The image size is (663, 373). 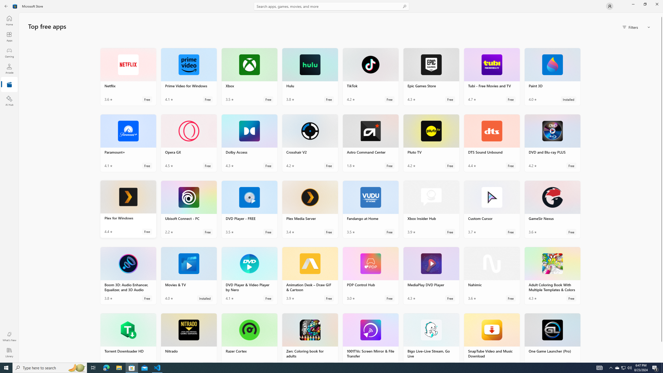 I want to click on 'Hulu. Average rating of 3.8 out of five stars. Free  ', so click(x=309, y=76).